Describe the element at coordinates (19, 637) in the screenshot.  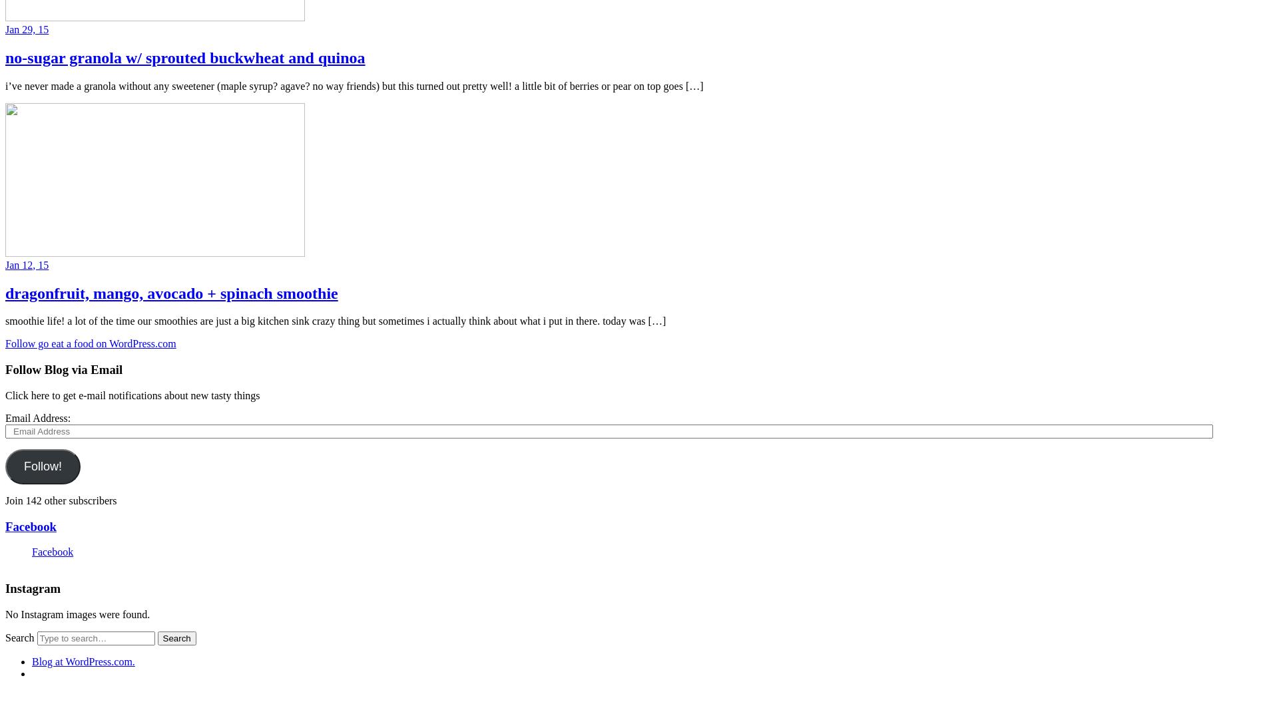
I see `'Search'` at that location.